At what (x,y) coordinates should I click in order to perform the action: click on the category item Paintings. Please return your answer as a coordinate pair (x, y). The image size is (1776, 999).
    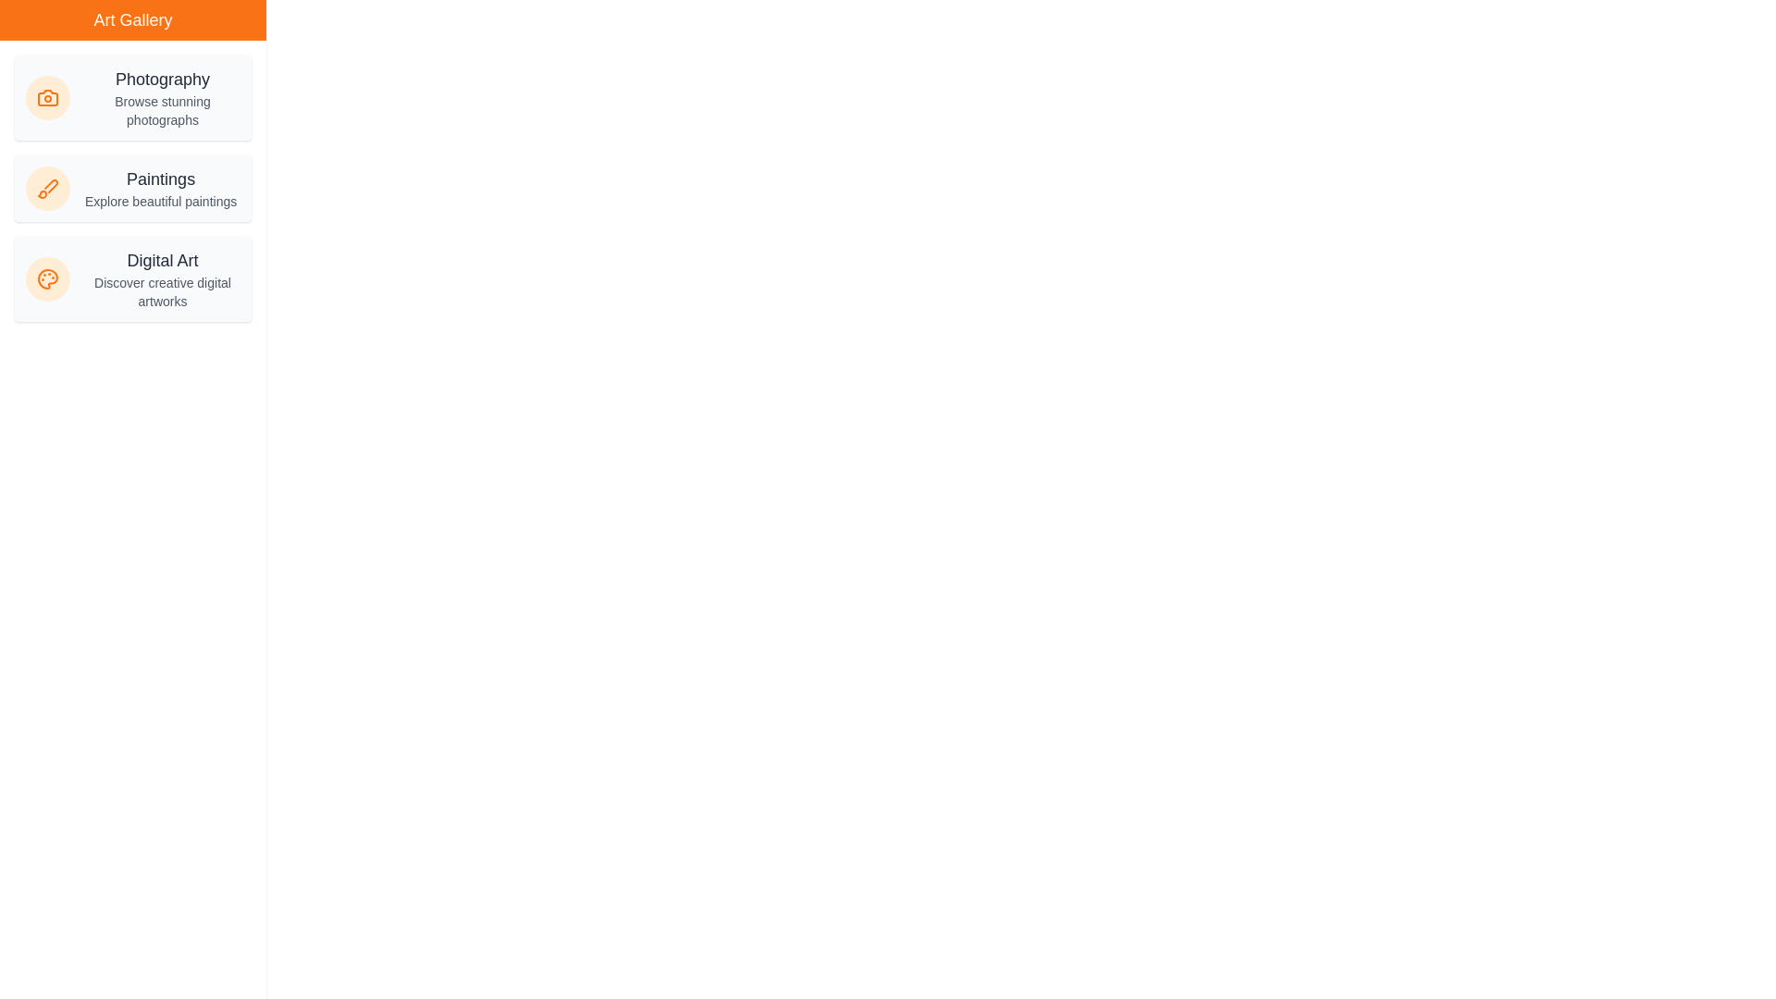
    Looking at the image, I should click on (132, 189).